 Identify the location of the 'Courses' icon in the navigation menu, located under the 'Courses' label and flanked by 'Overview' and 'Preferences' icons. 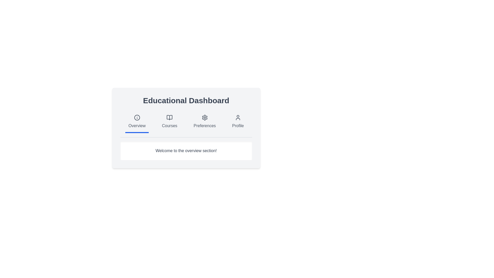
(170, 117).